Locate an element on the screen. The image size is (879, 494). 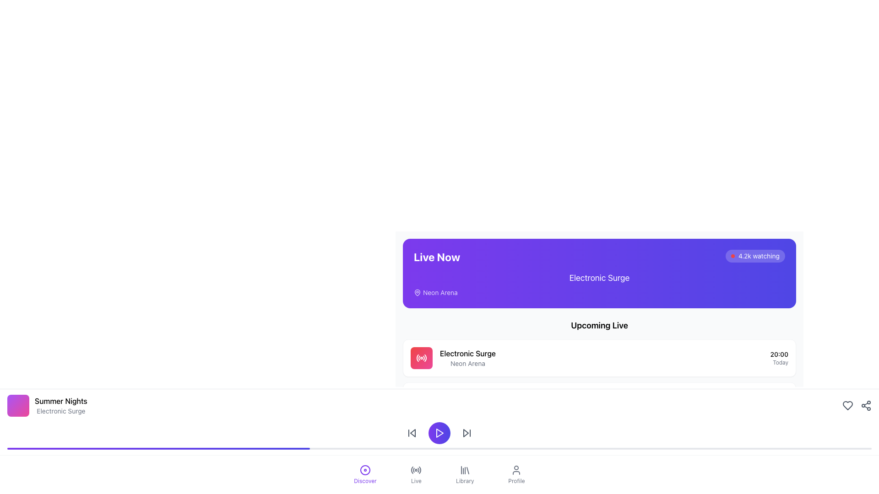
the location in the Text Block, which serves is located at coordinates (468, 358).